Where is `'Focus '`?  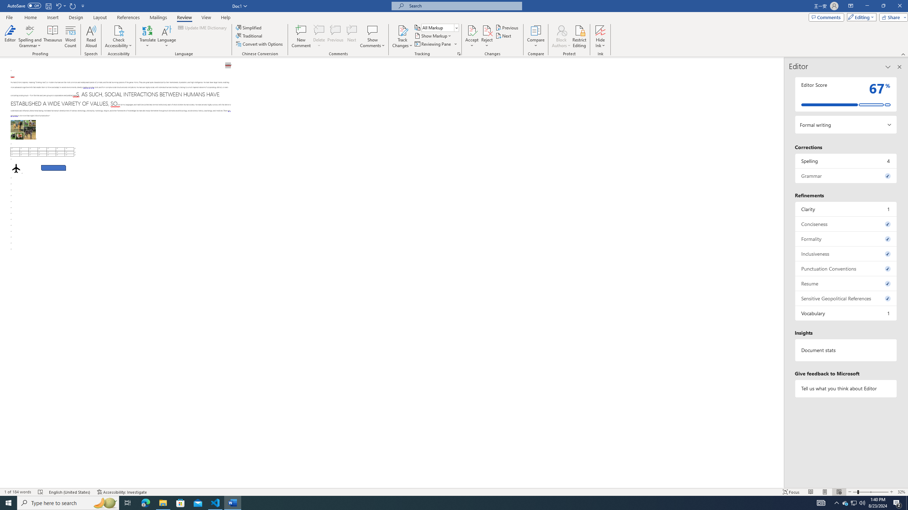 'Focus ' is located at coordinates (791, 492).